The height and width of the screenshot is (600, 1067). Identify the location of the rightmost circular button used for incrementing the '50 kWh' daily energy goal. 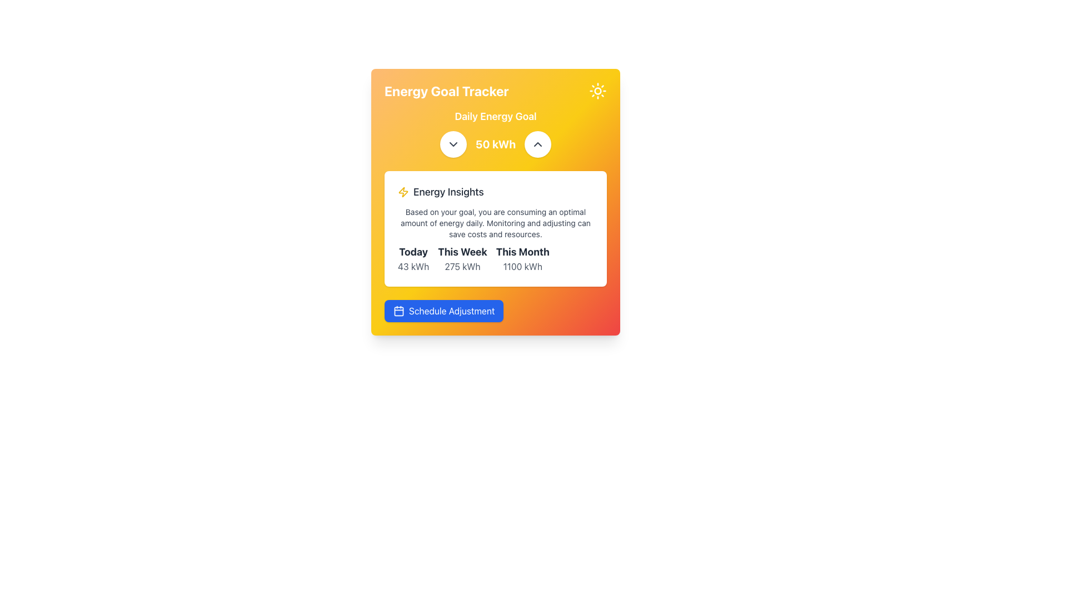
(538, 143).